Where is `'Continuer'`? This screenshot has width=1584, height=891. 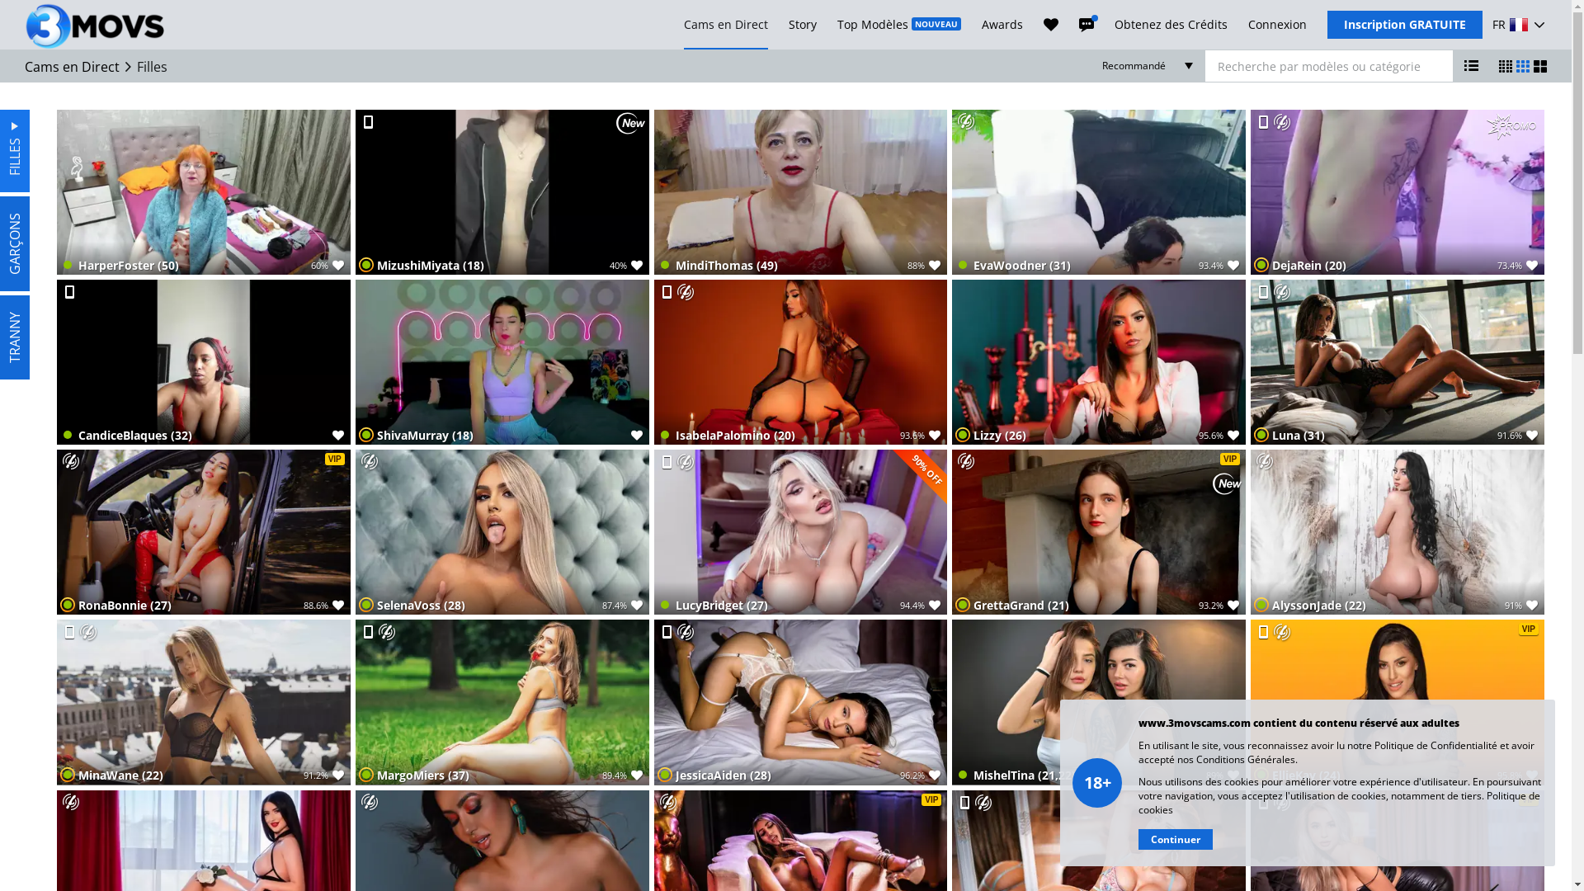
'Continuer' is located at coordinates (1175, 839).